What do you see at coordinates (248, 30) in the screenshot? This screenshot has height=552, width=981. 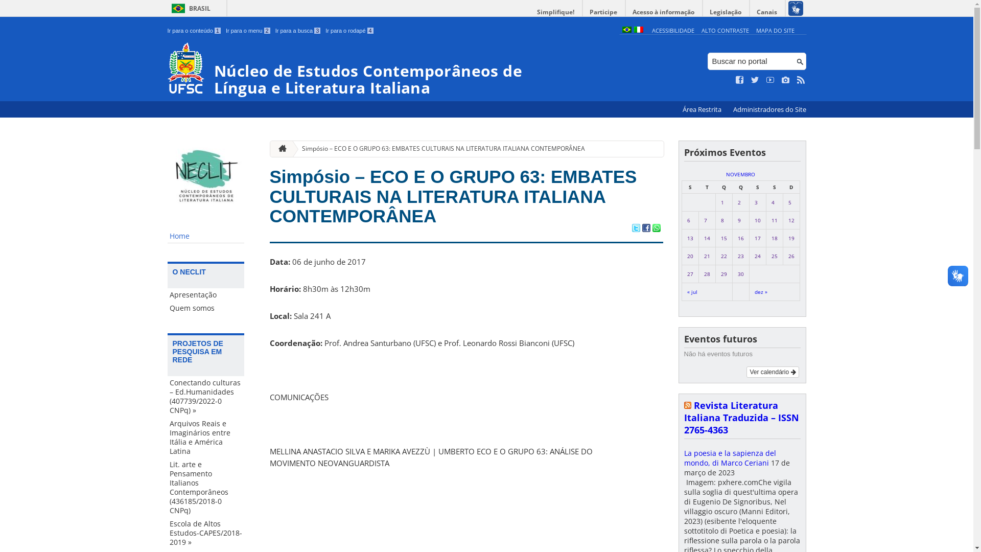 I see `'Ir para o menu 2'` at bounding box center [248, 30].